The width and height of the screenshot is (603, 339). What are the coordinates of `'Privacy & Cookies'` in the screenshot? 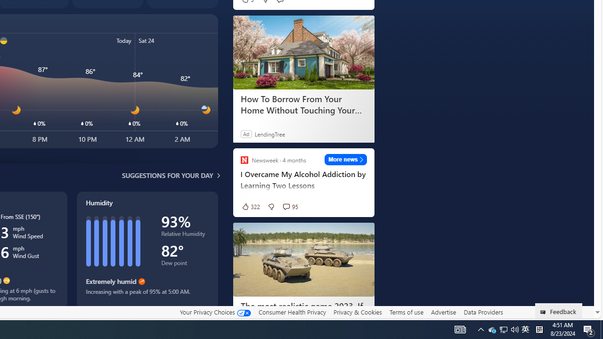 It's located at (357, 312).